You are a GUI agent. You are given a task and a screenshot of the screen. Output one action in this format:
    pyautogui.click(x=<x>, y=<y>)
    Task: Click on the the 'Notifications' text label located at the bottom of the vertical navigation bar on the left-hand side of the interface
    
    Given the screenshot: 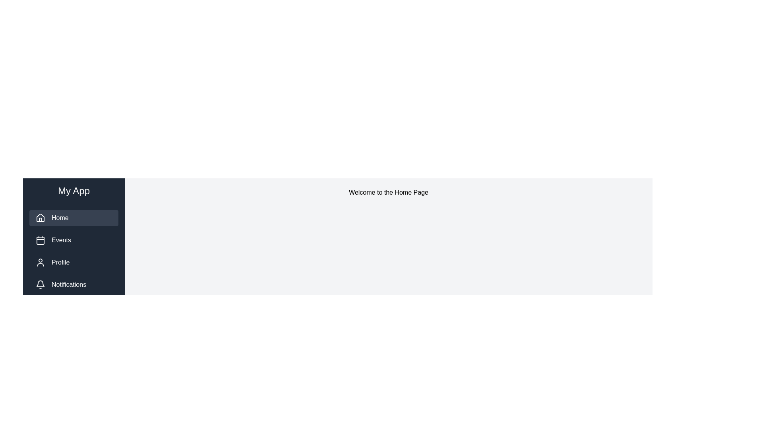 What is the action you would take?
    pyautogui.click(x=69, y=284)
    